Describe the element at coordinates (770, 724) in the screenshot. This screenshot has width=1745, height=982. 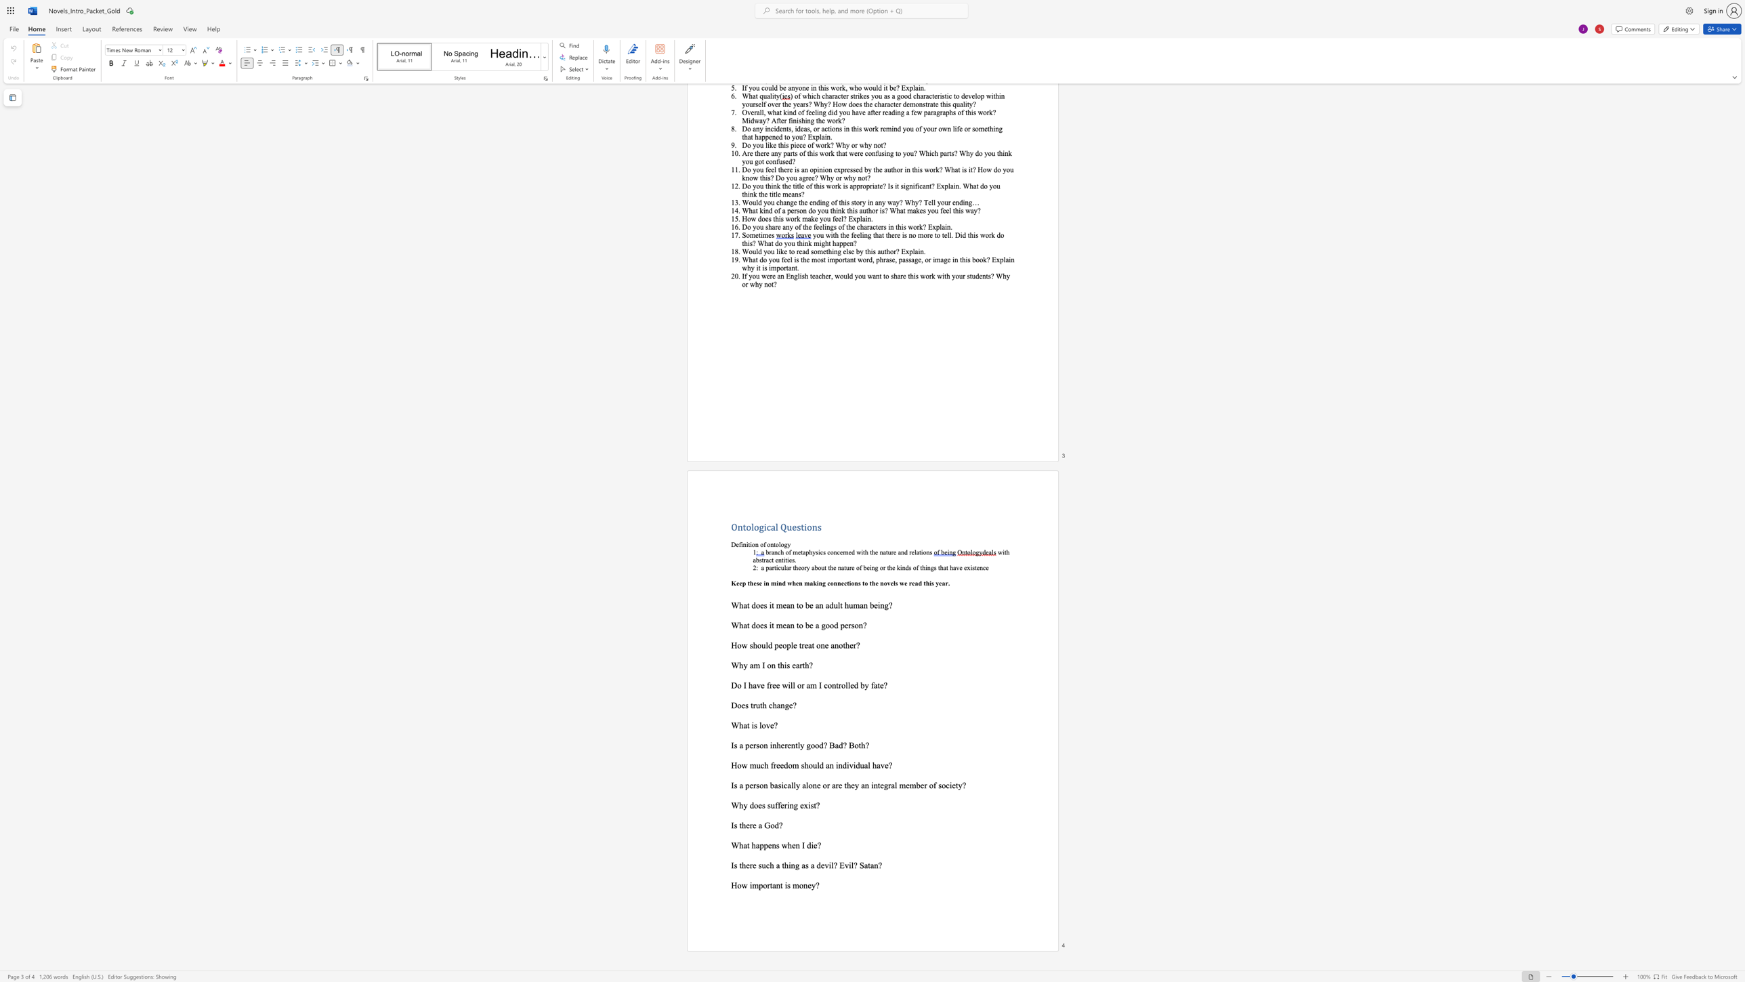
I see `the subset text "e?" within the text "What is love?"` at that location.